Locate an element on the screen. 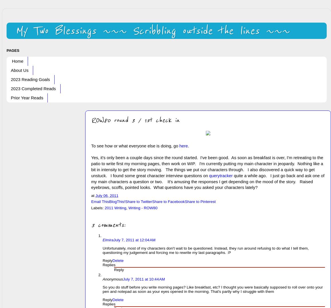  'Share to Facebook' is located at coordinates (152, 202).